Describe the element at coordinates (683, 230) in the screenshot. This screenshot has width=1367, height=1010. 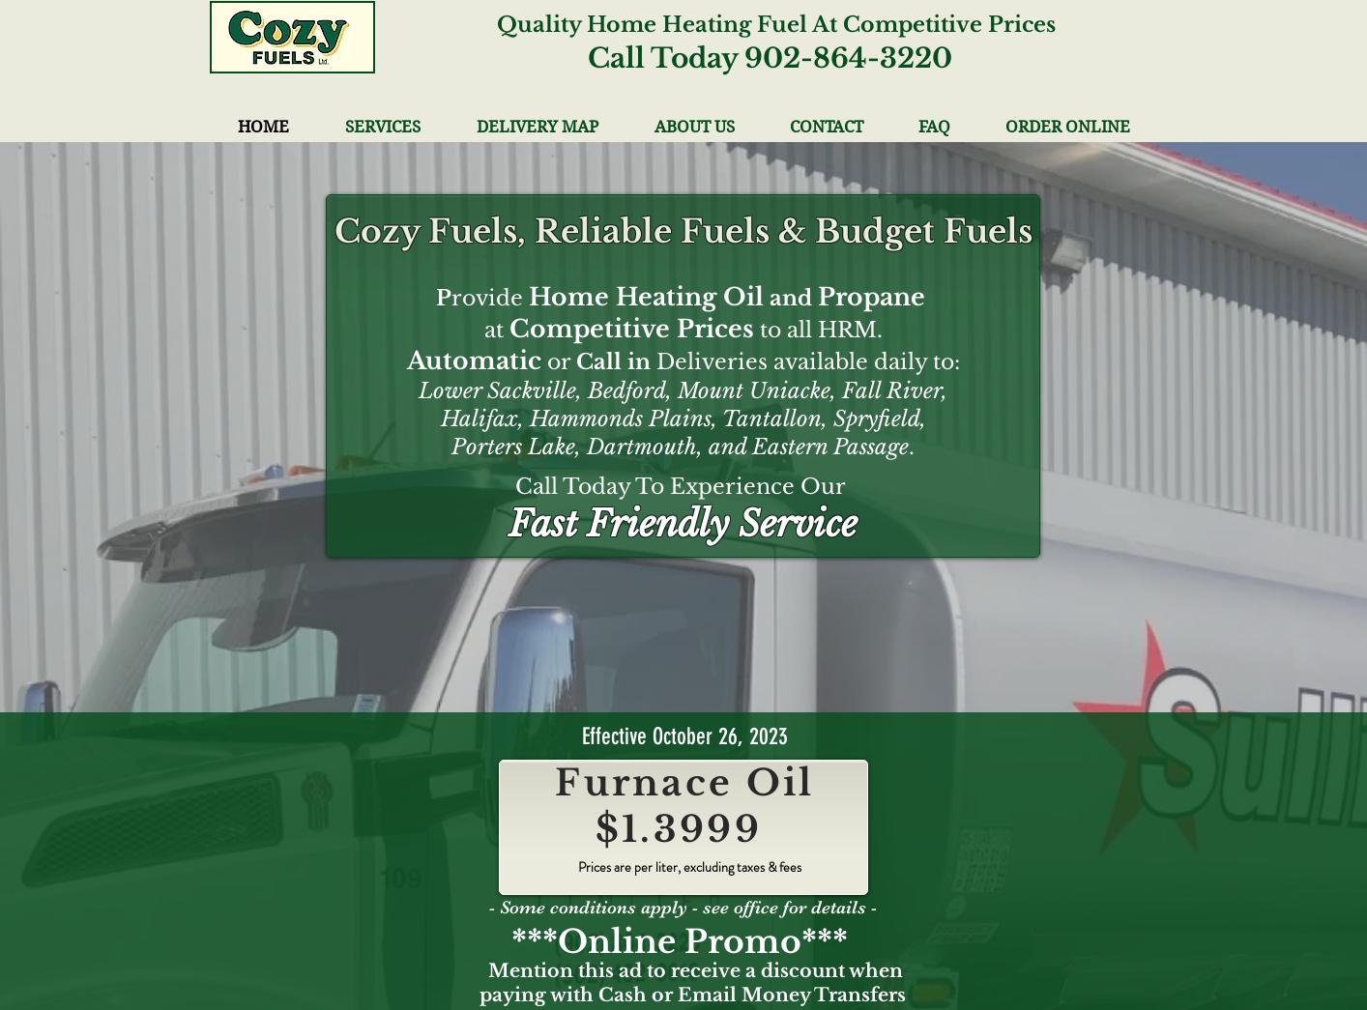
I see `'Cozy Fuels, Reliable Fuels & Budget Fuels'` at that location.